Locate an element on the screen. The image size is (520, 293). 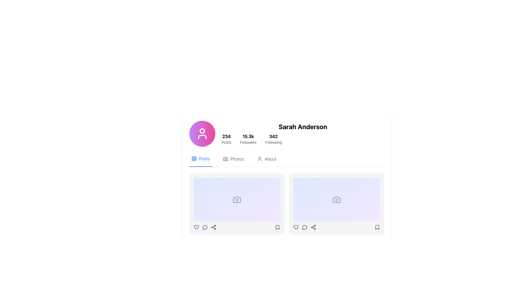
the first Image Placeholder Card, which serves as an image preview and is located to the left of similar cards in a row is located at coordinates (237, 200).